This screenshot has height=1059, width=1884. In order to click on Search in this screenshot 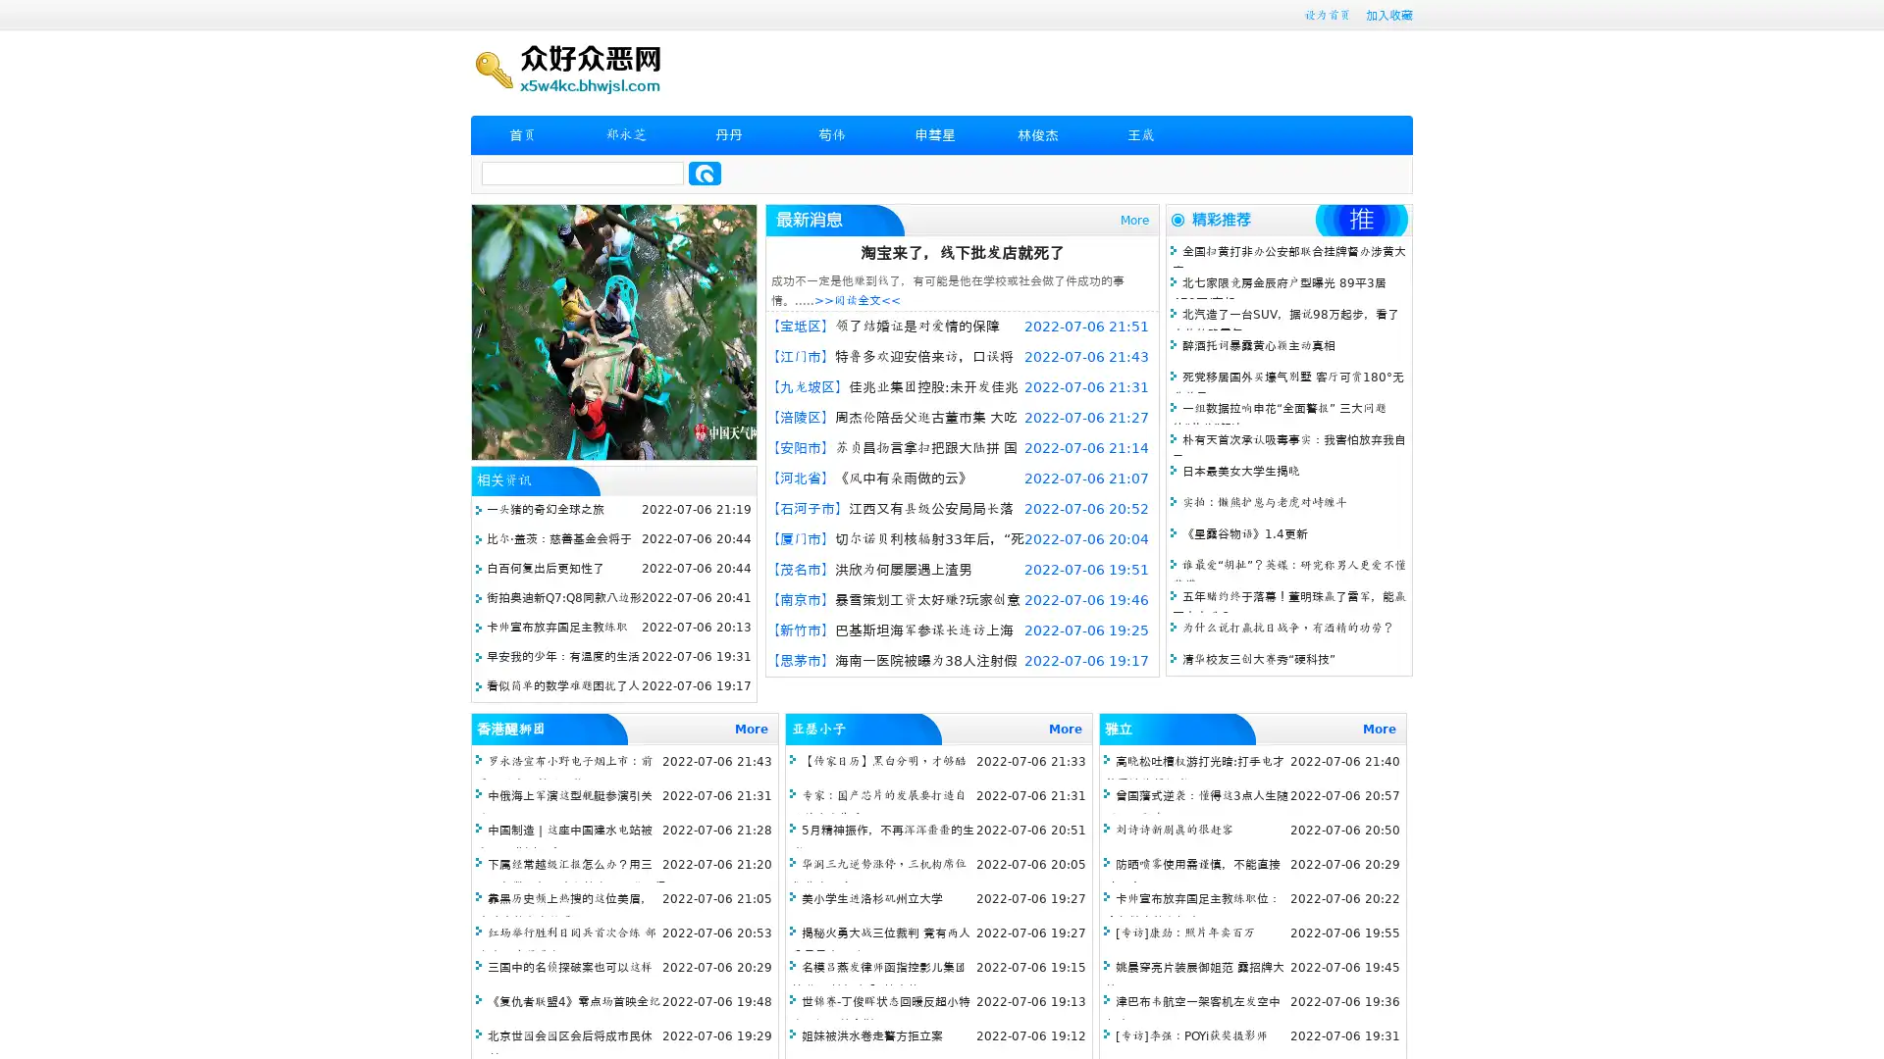, I will do `click(705, 173)`.